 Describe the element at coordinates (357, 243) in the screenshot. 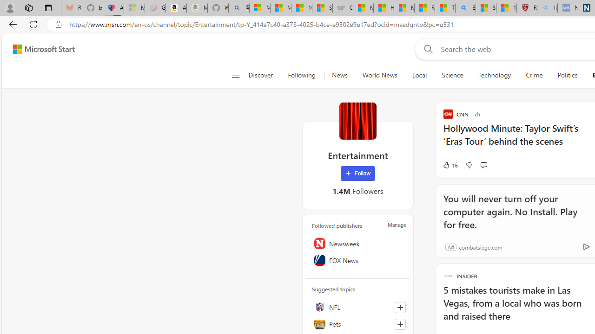

I see `'Newsweek'` at that location.